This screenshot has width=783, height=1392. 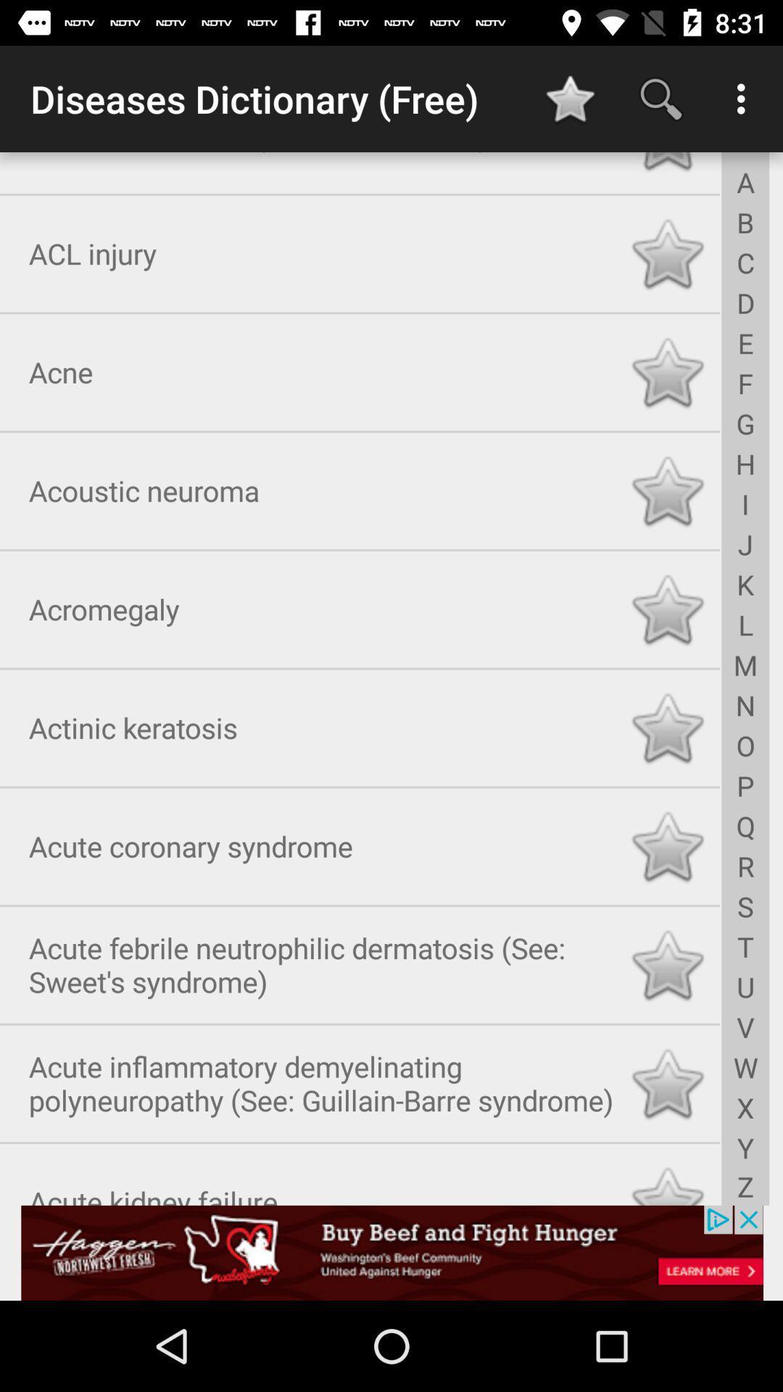 What do you see at coordinates (667, 725) in the screenshot?
I see `shows the favourite option` at bounding box center [667, 725].